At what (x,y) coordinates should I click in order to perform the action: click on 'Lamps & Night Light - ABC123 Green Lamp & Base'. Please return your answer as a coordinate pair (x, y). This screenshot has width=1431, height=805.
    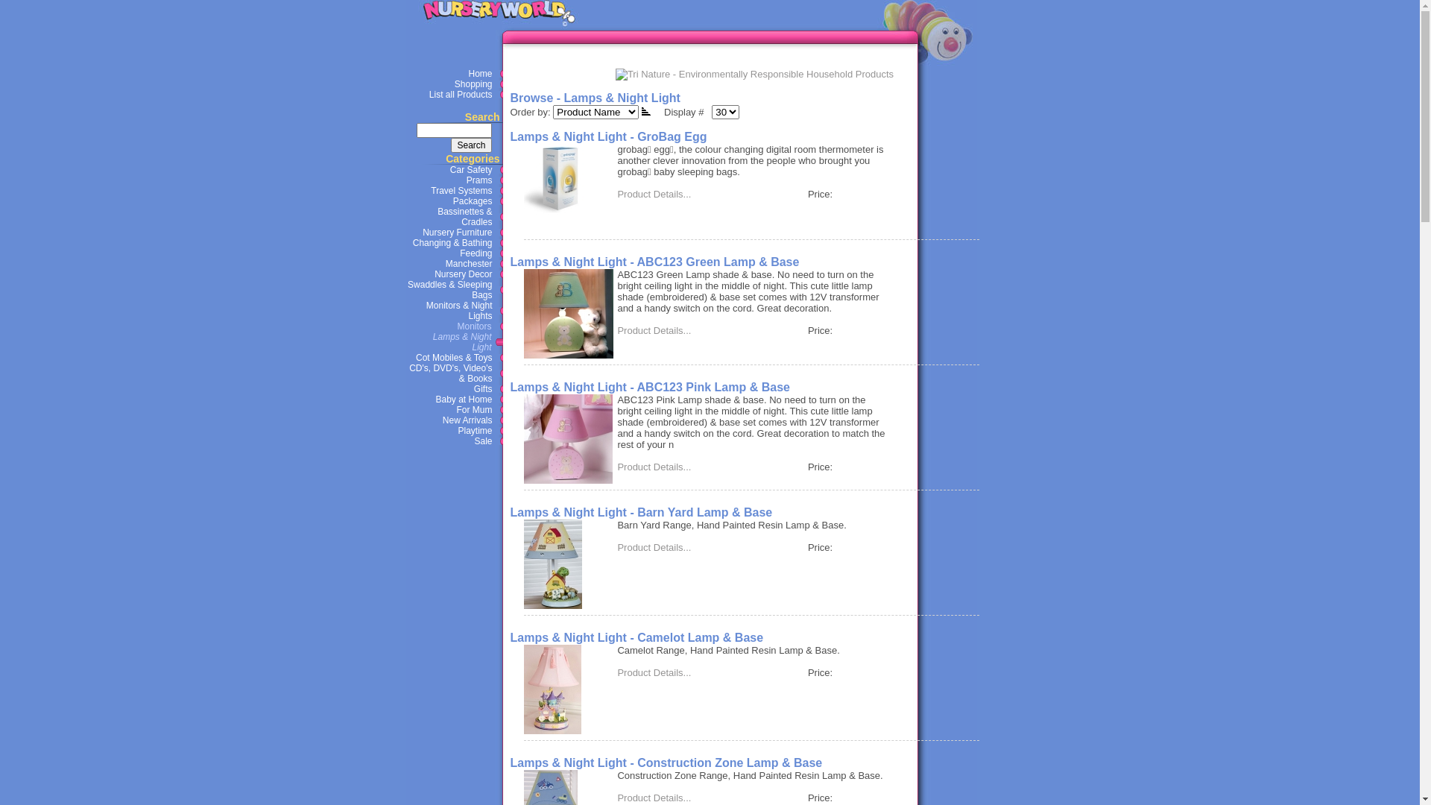
    Looking at the image, I should click on (654, 261).